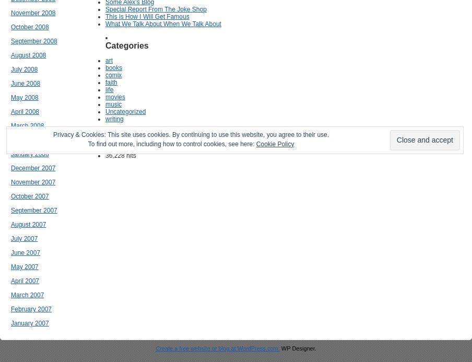  I want to click on 'February 2008', so click(31, 139).